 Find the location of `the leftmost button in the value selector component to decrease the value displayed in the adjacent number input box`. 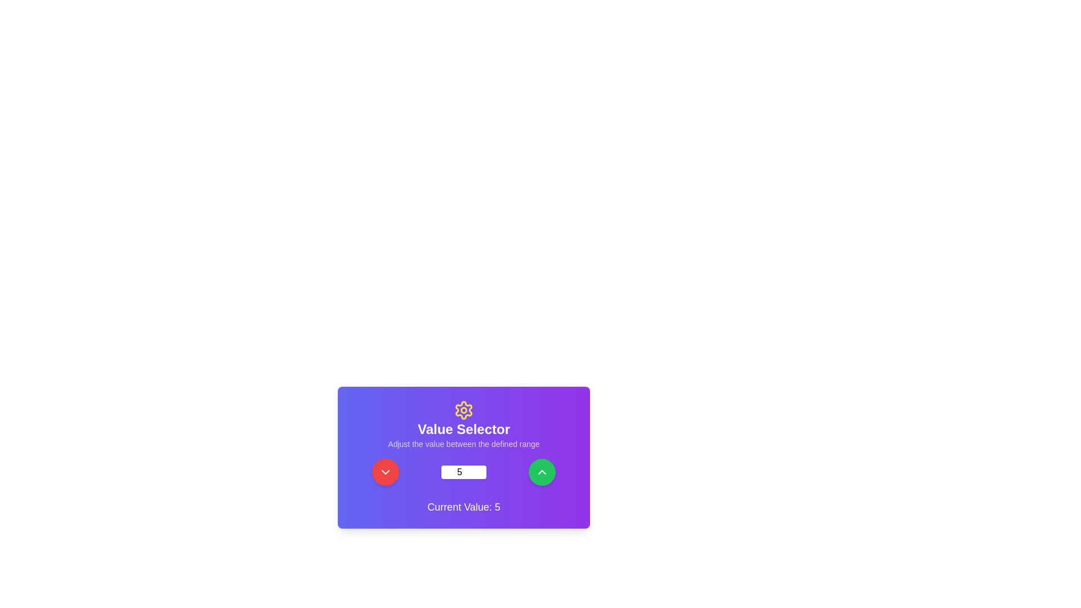

the leftmost button in the value selector component to decrease the value displayed in the adjacent number input box is located at coordinates (386, 472).